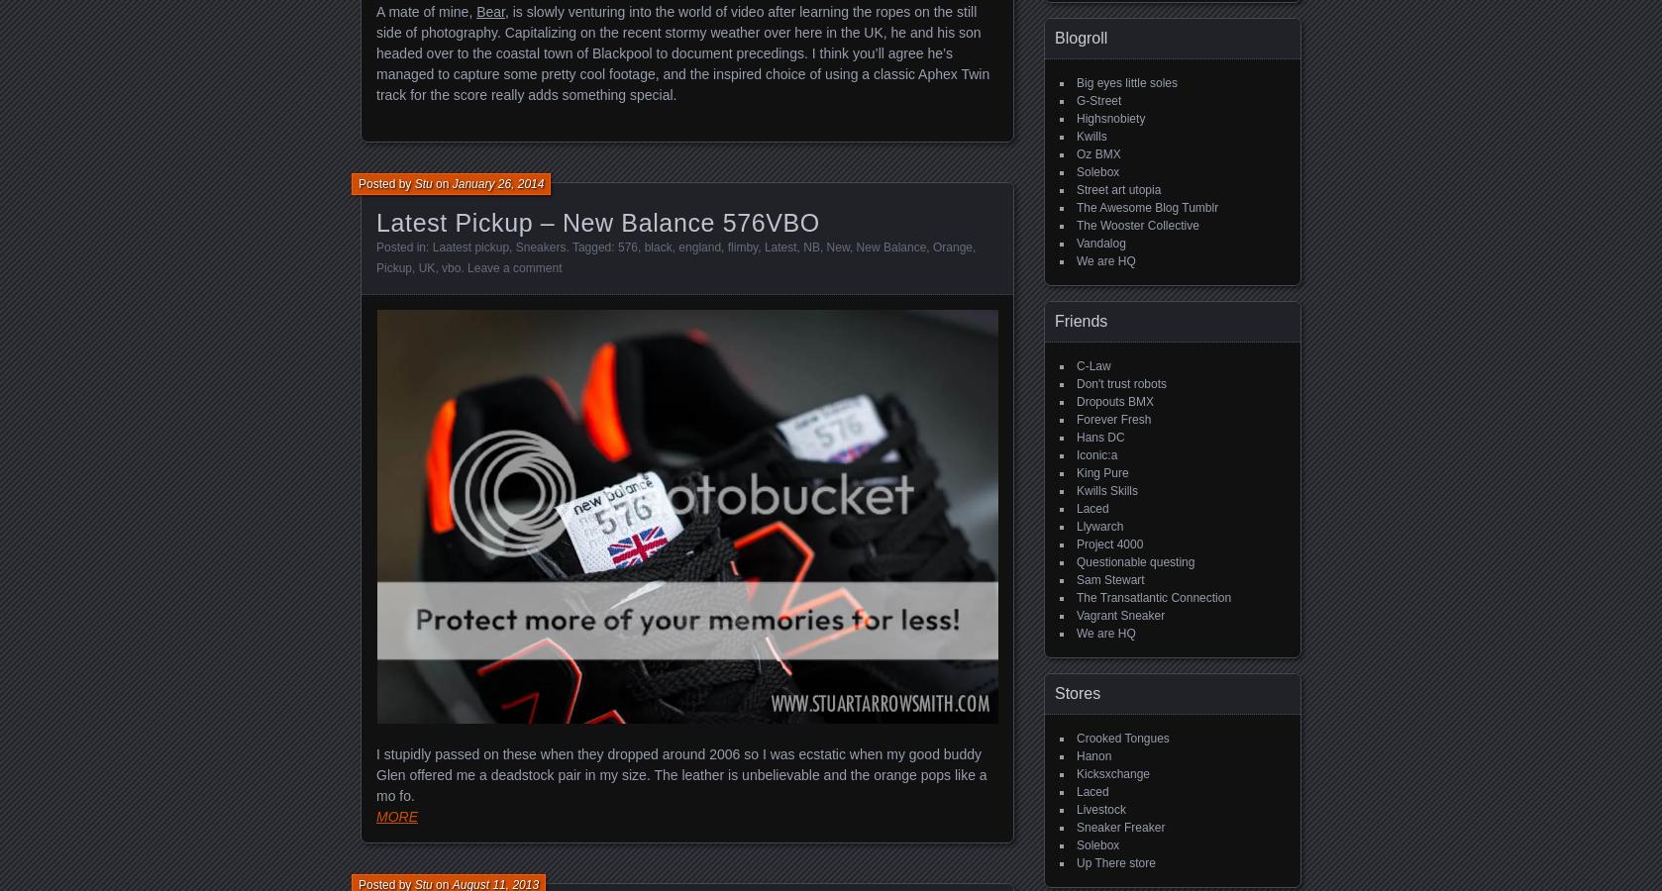 This screenshot has width=1662, height=891. I want to click on 'New', so click(837, 247).